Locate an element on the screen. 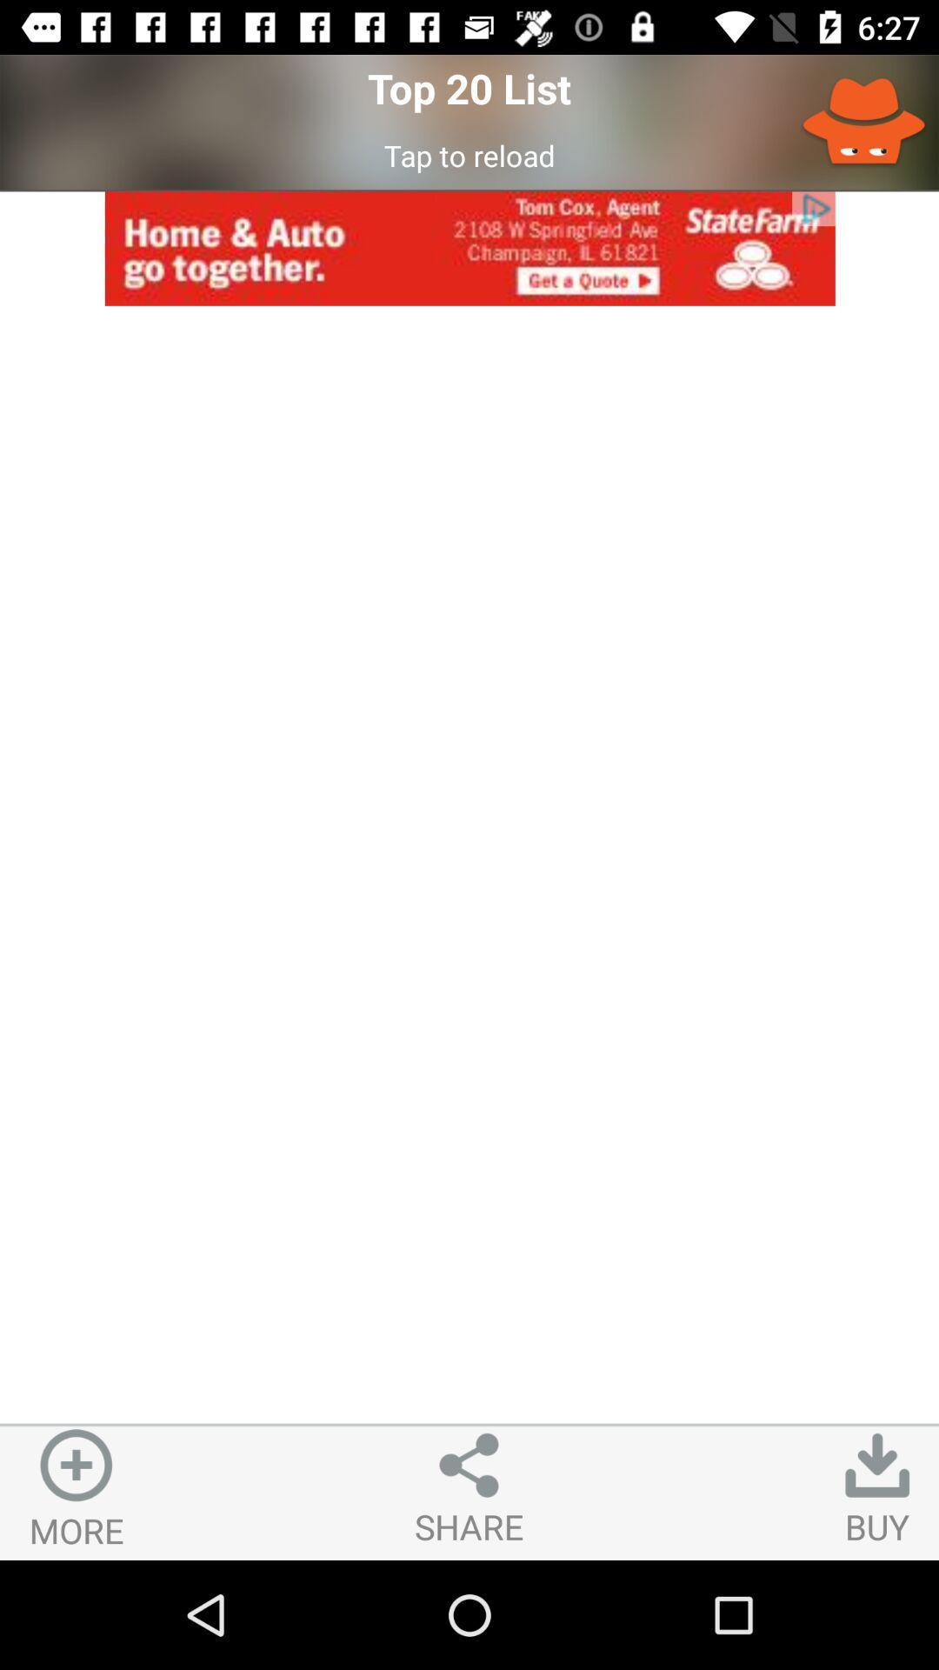  icon at the center is located at coordinates (469, 865).